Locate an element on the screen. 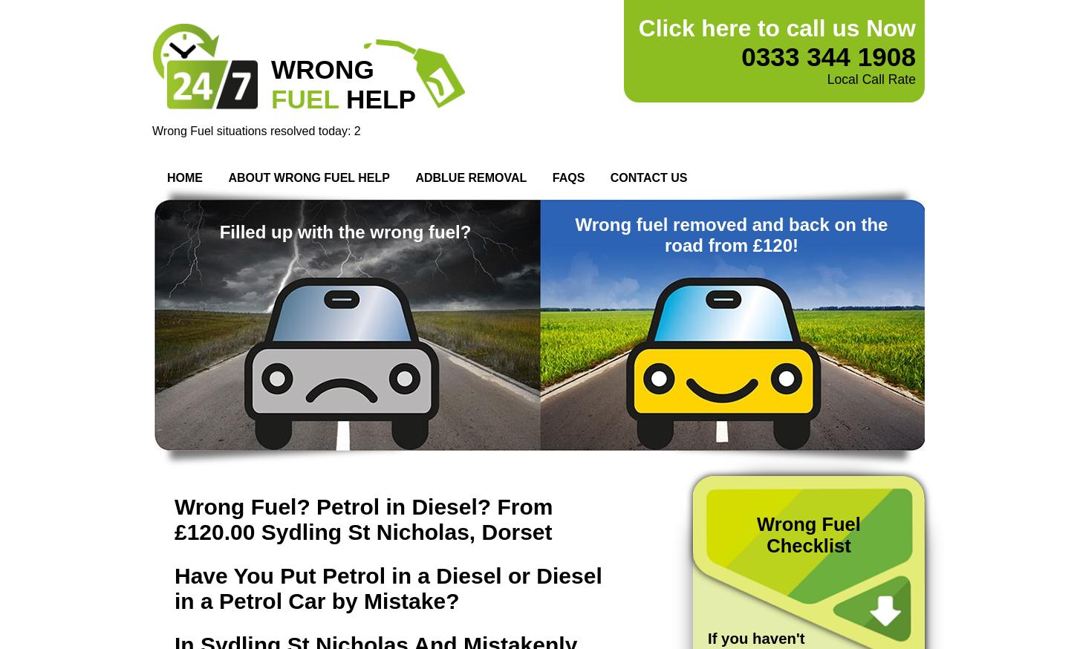  'FUEL' is located at coordinates (270, 99).